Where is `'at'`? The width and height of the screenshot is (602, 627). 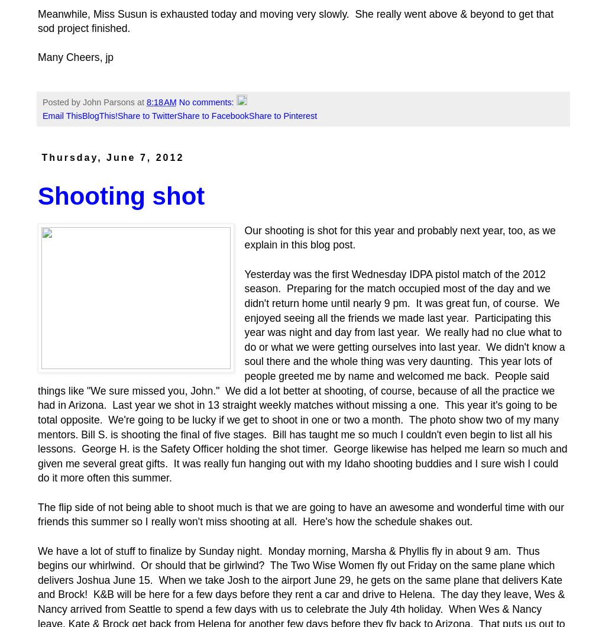 'at' is located at coordinates (137, 101).